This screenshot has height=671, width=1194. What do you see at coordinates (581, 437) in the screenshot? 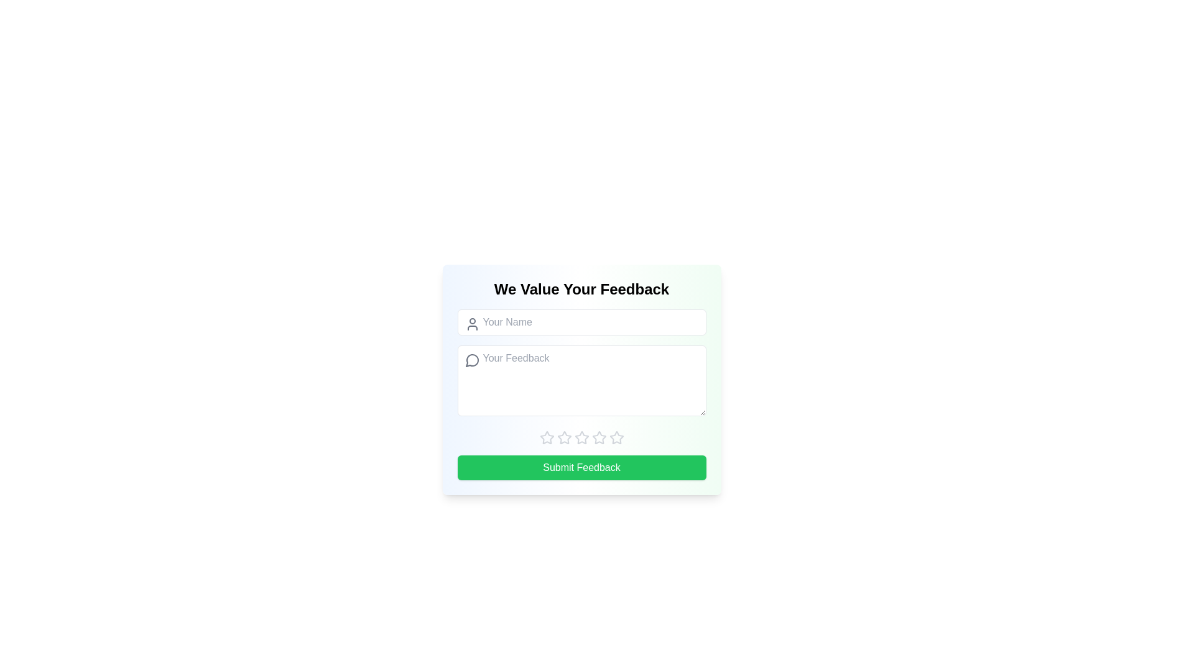
I see `the interactive star icons in the Rating component` at bounding box center [581, 437].